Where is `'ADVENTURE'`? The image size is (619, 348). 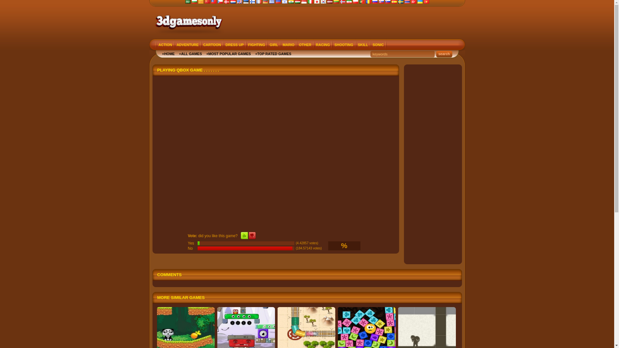 'ADVENTURE' is located at coordinates (187, 44).